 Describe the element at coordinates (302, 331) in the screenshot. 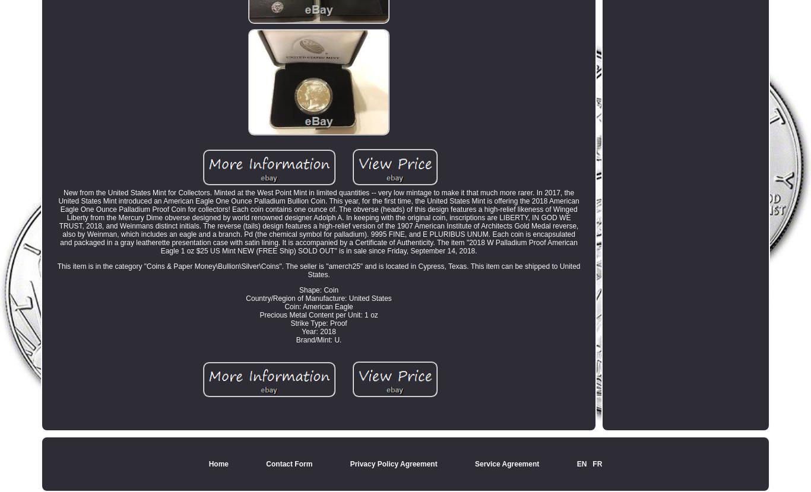

I see `'Year: 2018'` at that location.